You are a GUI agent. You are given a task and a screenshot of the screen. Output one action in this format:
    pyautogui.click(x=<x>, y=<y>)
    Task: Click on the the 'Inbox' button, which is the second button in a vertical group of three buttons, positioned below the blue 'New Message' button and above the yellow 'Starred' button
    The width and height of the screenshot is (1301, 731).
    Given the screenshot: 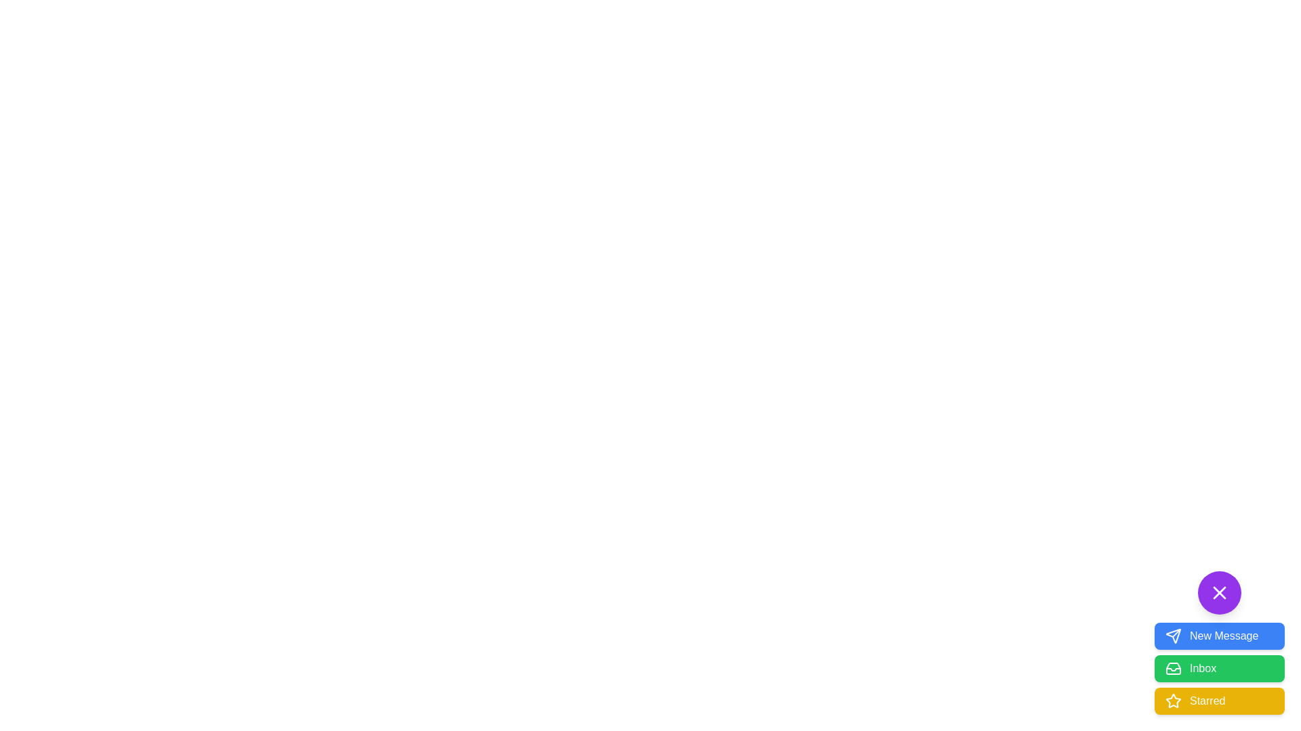 What is the action you would take?
    pyautogui.click(x=1220, y=667)
    